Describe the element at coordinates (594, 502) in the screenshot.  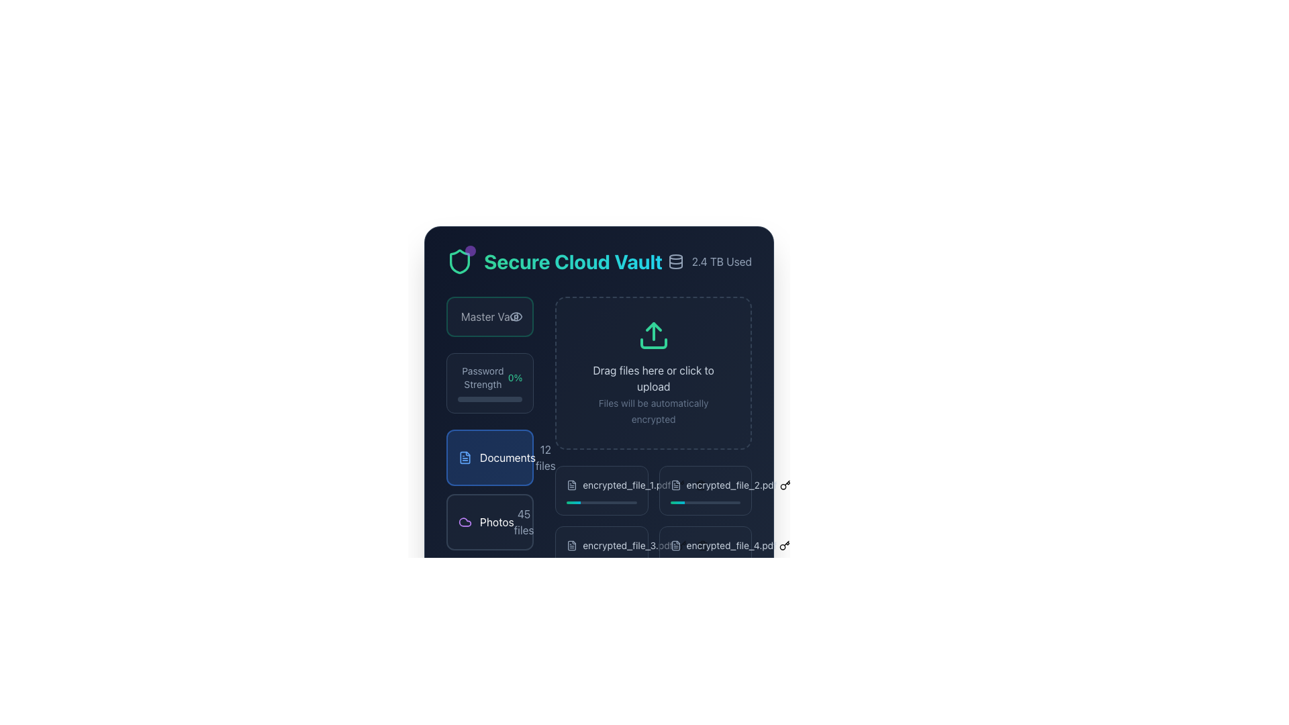
I see `the progression visually by focusing on the Horizontal Progress Indicator Bar located in the bottom right section of the interface within the 'Documents' section` at that location.